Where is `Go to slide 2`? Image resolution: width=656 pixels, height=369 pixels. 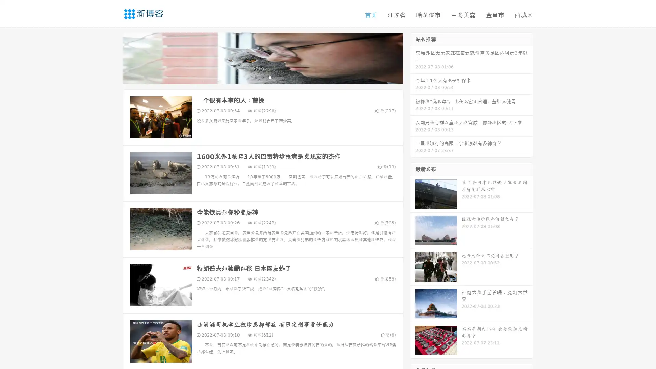 Go to slide 2 is located at coordinates (262, 77).